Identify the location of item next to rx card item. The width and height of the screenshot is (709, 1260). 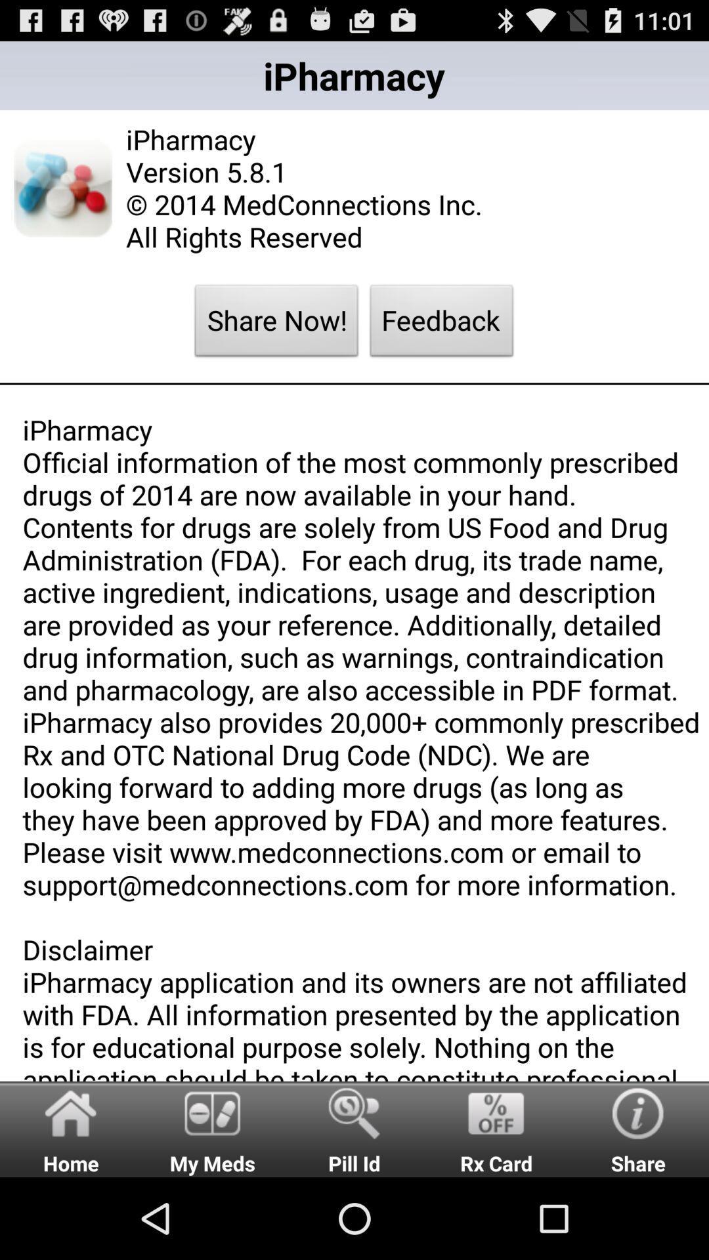
(354, 1128).